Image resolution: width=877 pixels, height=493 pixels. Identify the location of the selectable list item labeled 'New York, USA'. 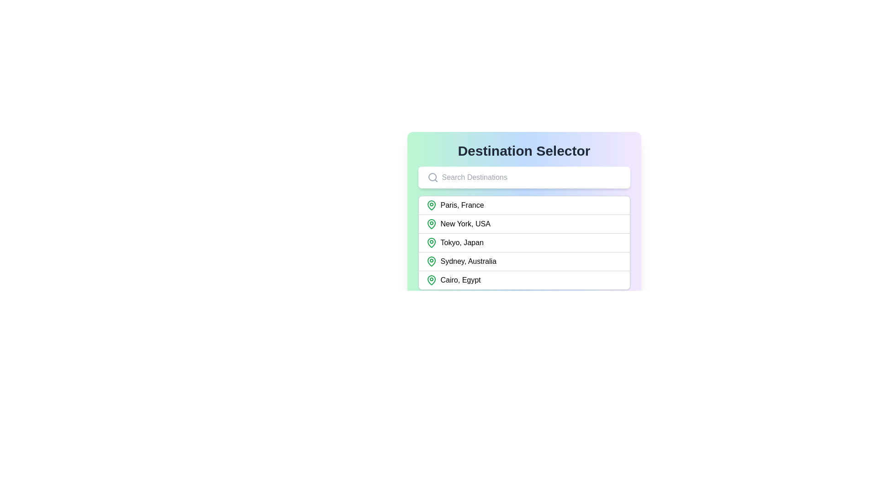
(524, 224).